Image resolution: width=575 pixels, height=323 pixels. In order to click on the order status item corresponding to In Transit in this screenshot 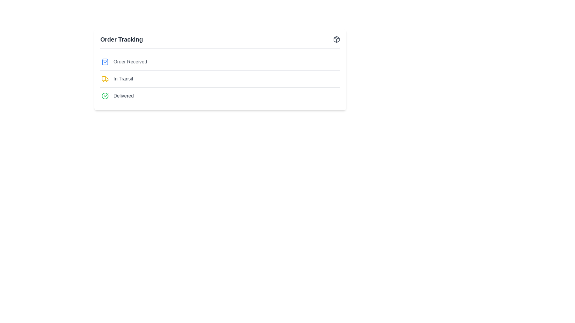, I will do `click(123, 78)`.